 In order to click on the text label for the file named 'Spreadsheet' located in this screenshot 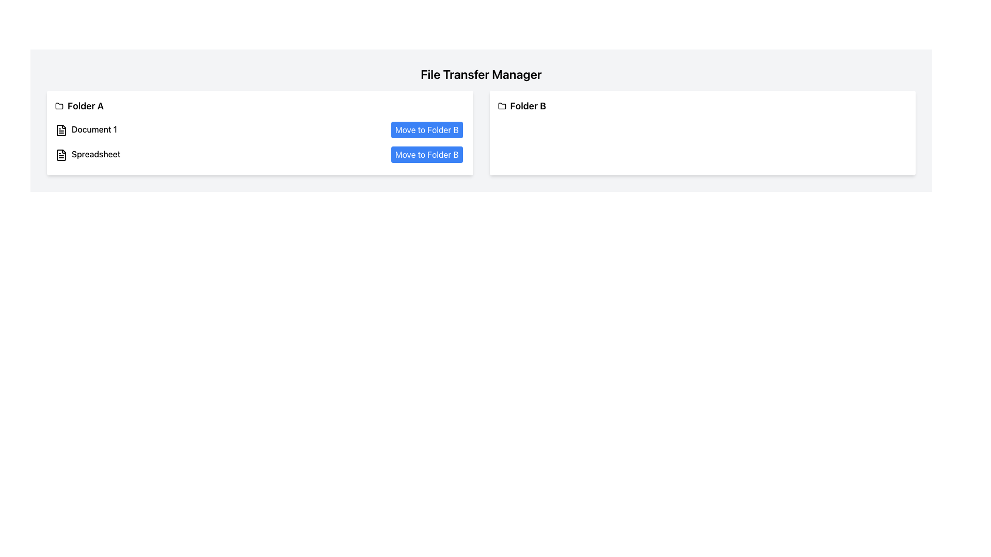, I will do `click(96, 154)`.